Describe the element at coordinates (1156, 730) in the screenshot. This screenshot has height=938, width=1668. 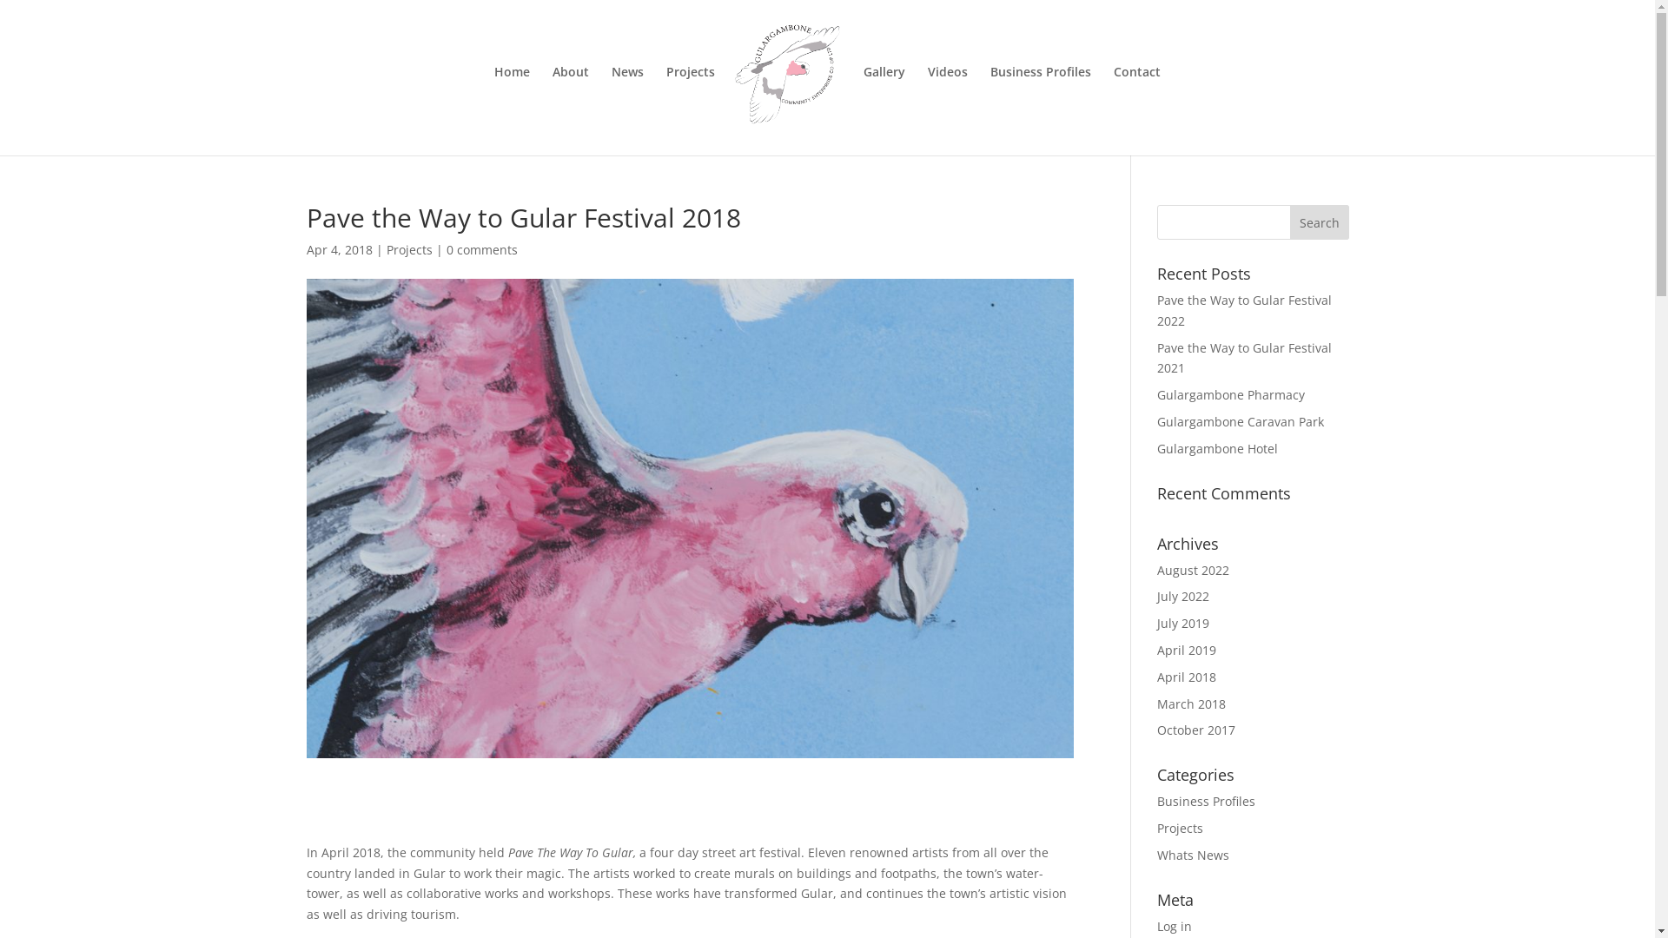
I see `'October 2017'` at that location.